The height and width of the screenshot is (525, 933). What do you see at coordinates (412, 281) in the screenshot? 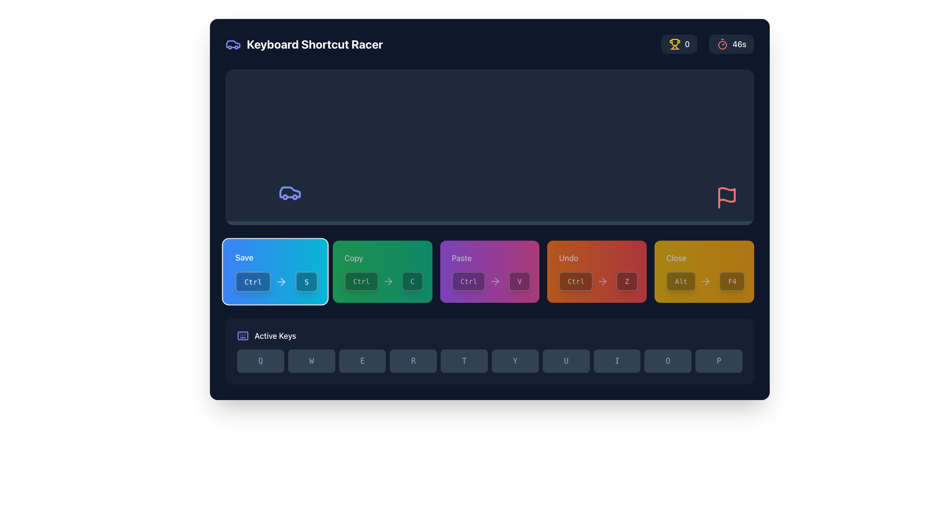
I see `the 'C' key in the Keyboard Shortcut Visualizer, which is the third key in a horizontal bar near the bottom of the interface` at bounding box center [412, 281].